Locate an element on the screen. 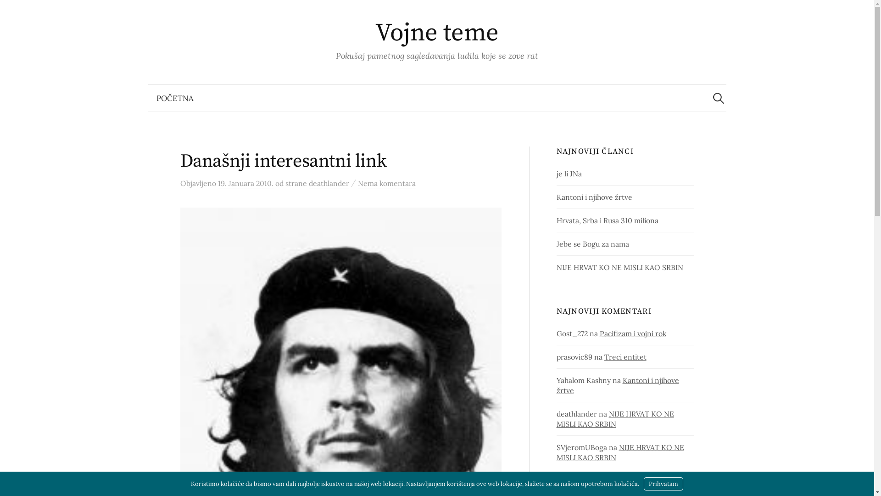 This screenshot has width=881, height=496. 'Treci entitet' is located at coordinates (625, 356).